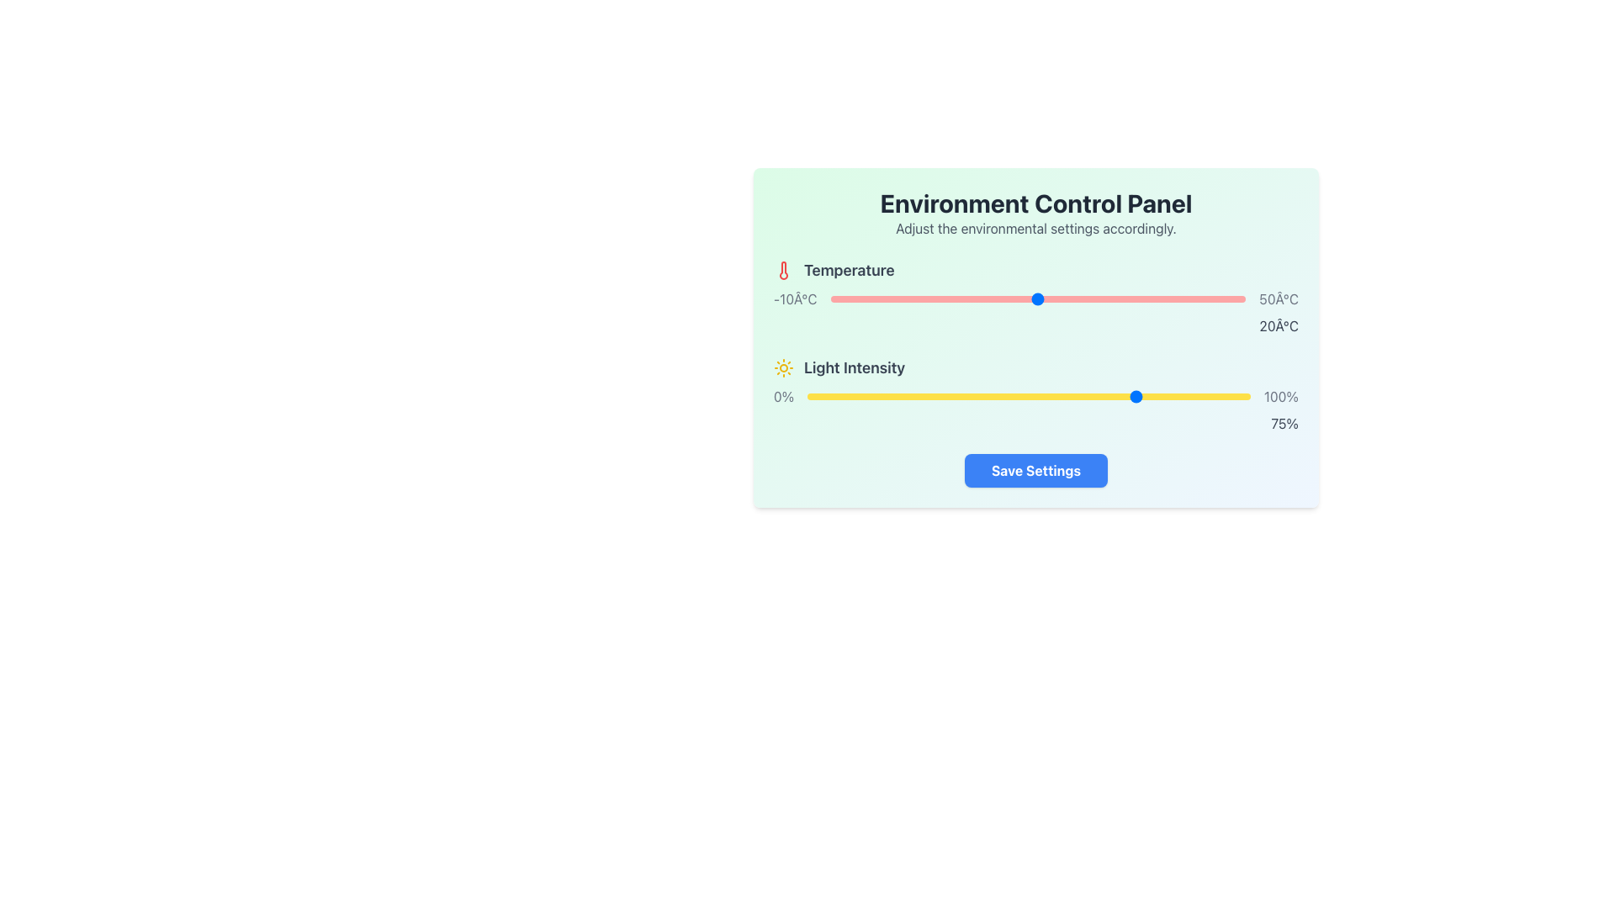 The width and height of the screenshot is (1615, 908). I want to click on light intensity, so click(829, 396).